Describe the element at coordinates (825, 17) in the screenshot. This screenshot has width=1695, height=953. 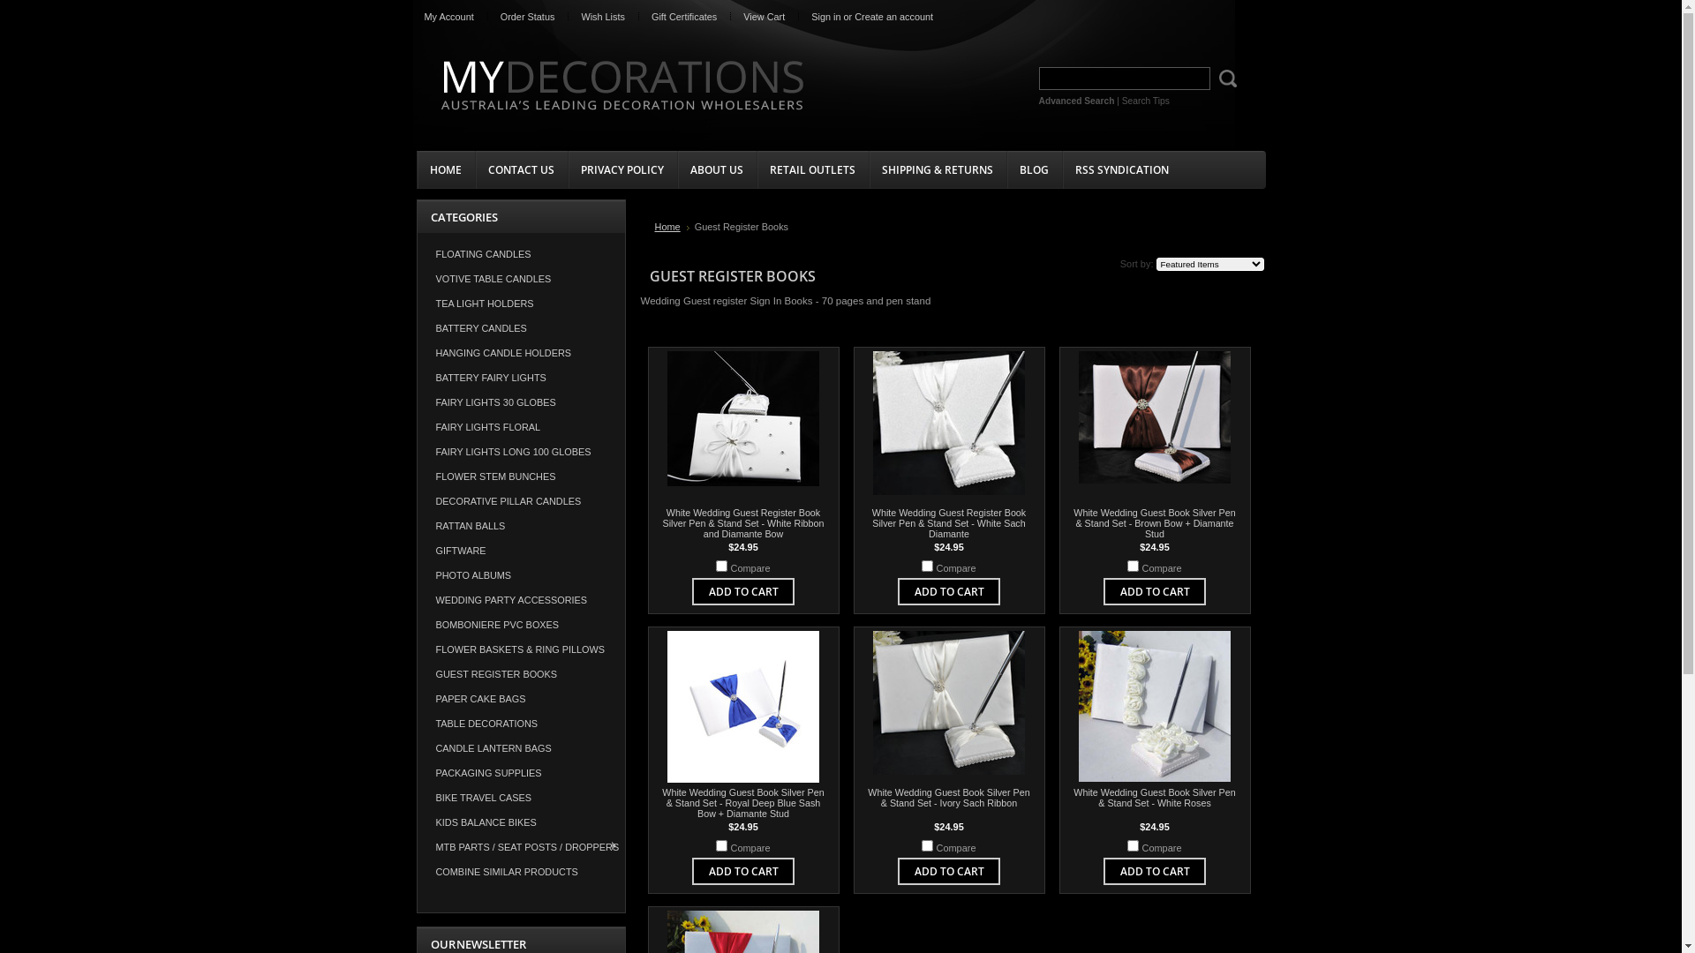
I see `'Sign in'` at that location.